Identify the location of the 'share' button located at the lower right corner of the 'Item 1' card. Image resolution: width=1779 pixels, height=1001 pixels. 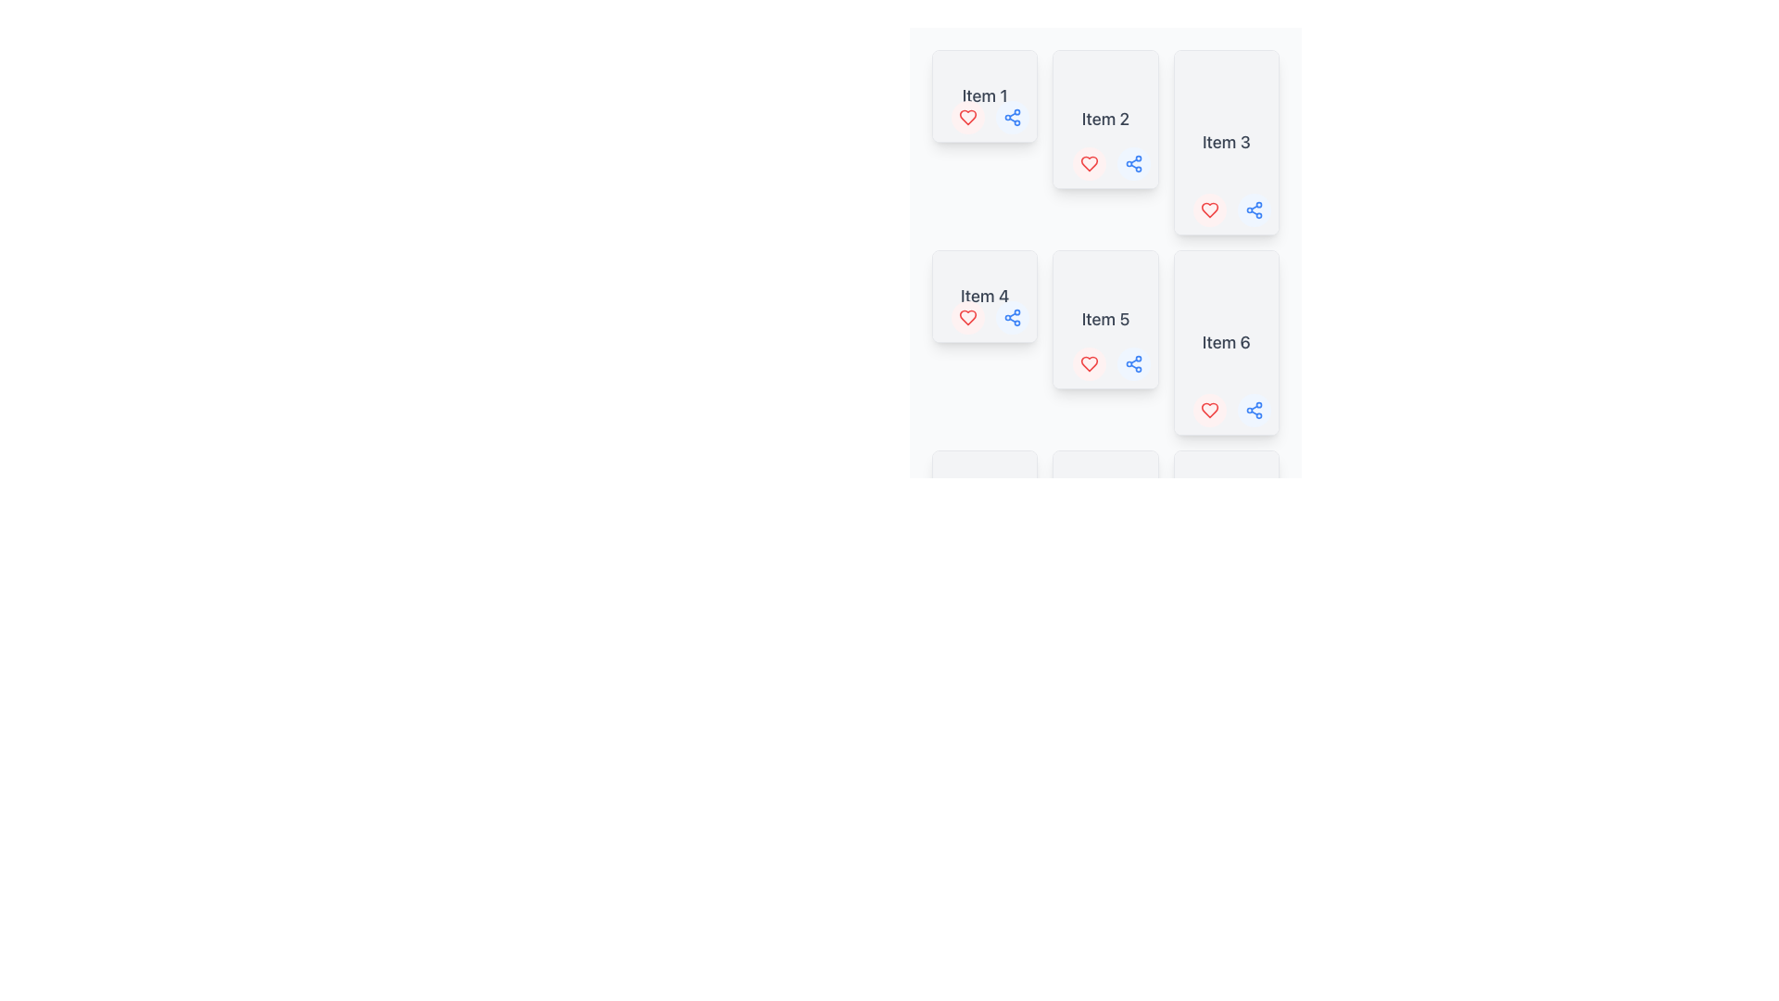
(1012, 118).